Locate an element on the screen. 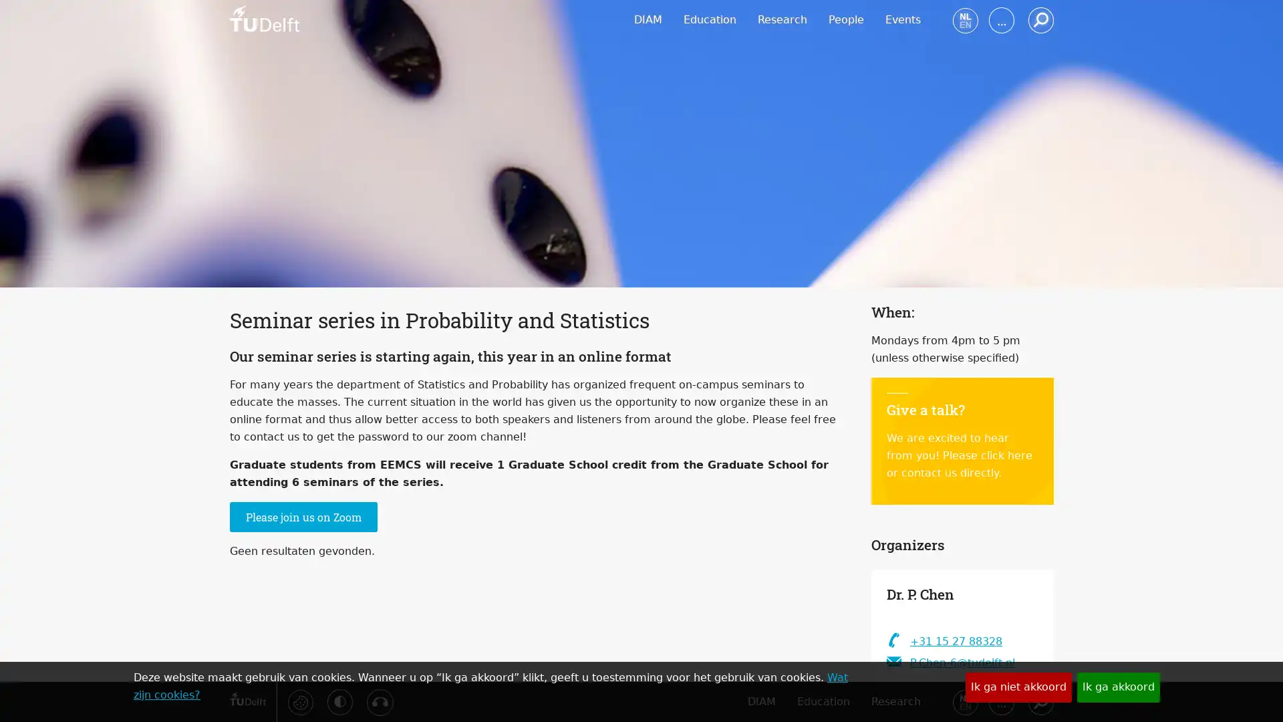 The height and width of the screenshot is (722, 1283). Zoeken is located at coordinates (1039, 701).